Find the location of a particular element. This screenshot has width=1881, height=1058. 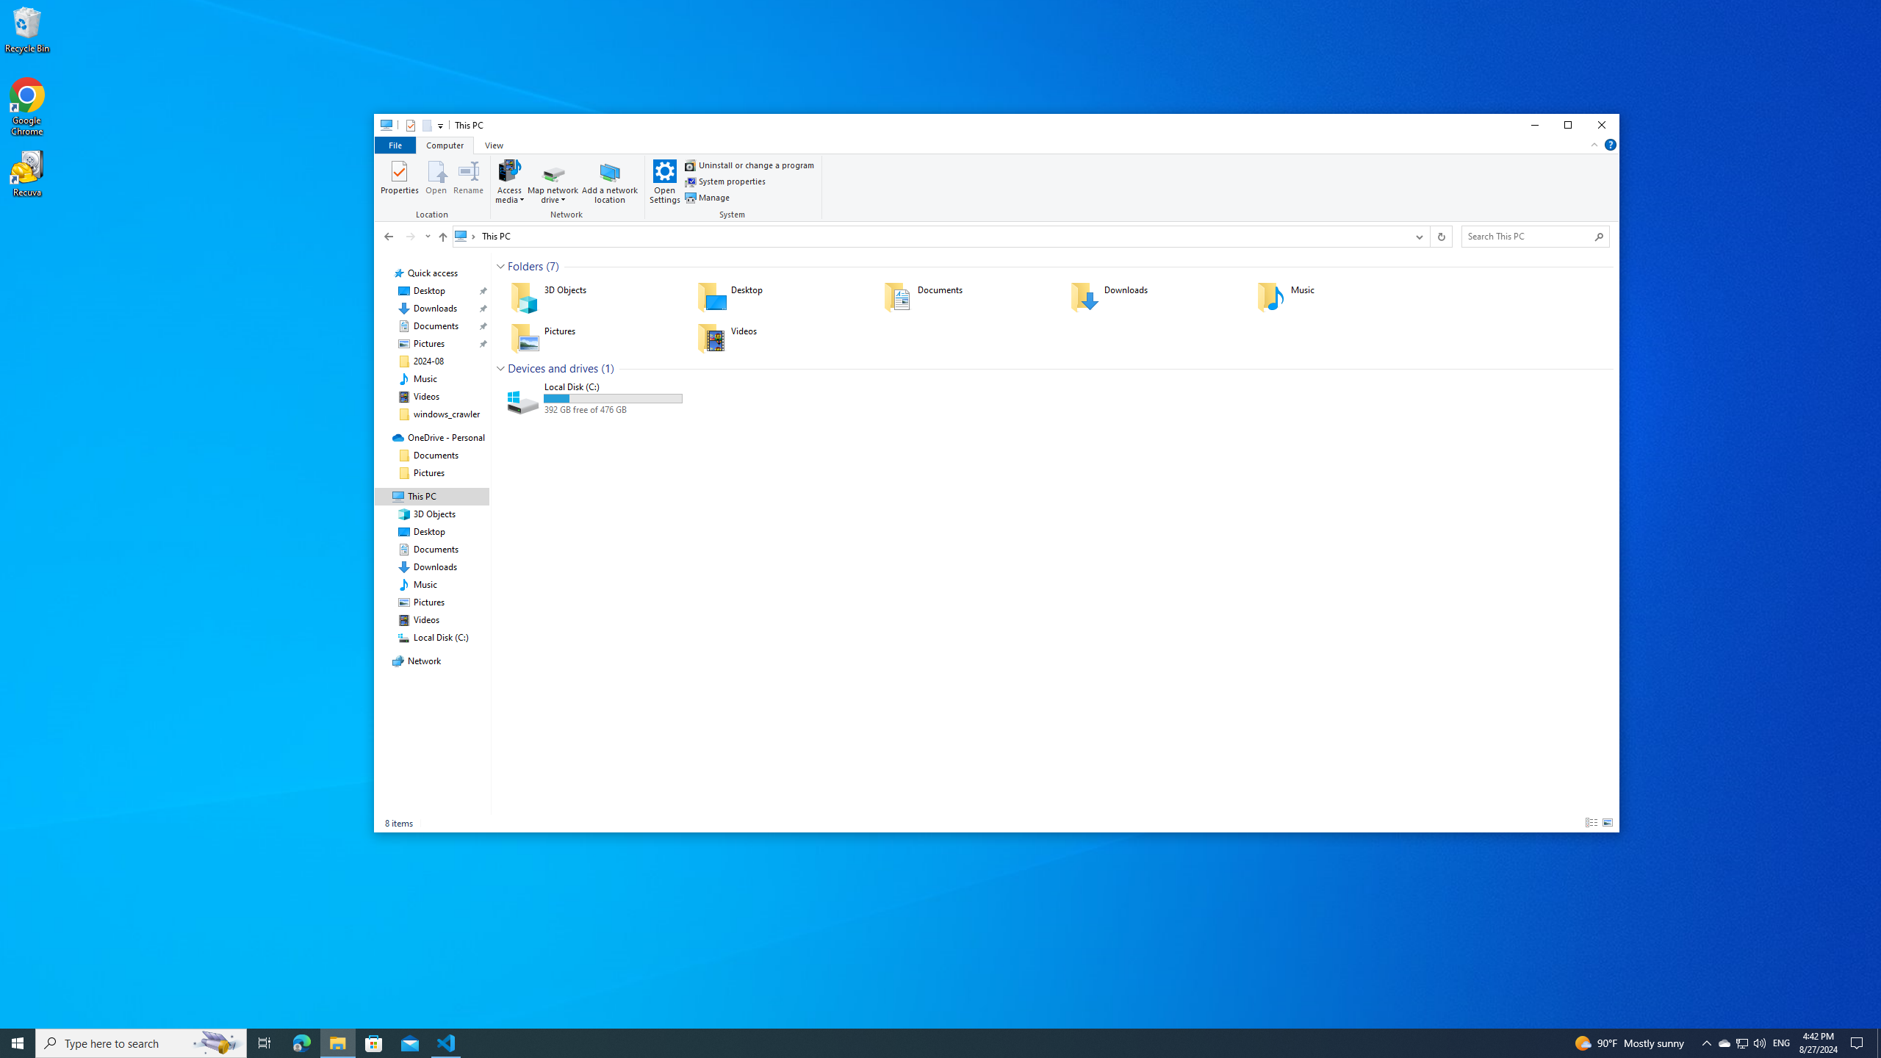

'Pictures' is located at coordinates (593, 337).